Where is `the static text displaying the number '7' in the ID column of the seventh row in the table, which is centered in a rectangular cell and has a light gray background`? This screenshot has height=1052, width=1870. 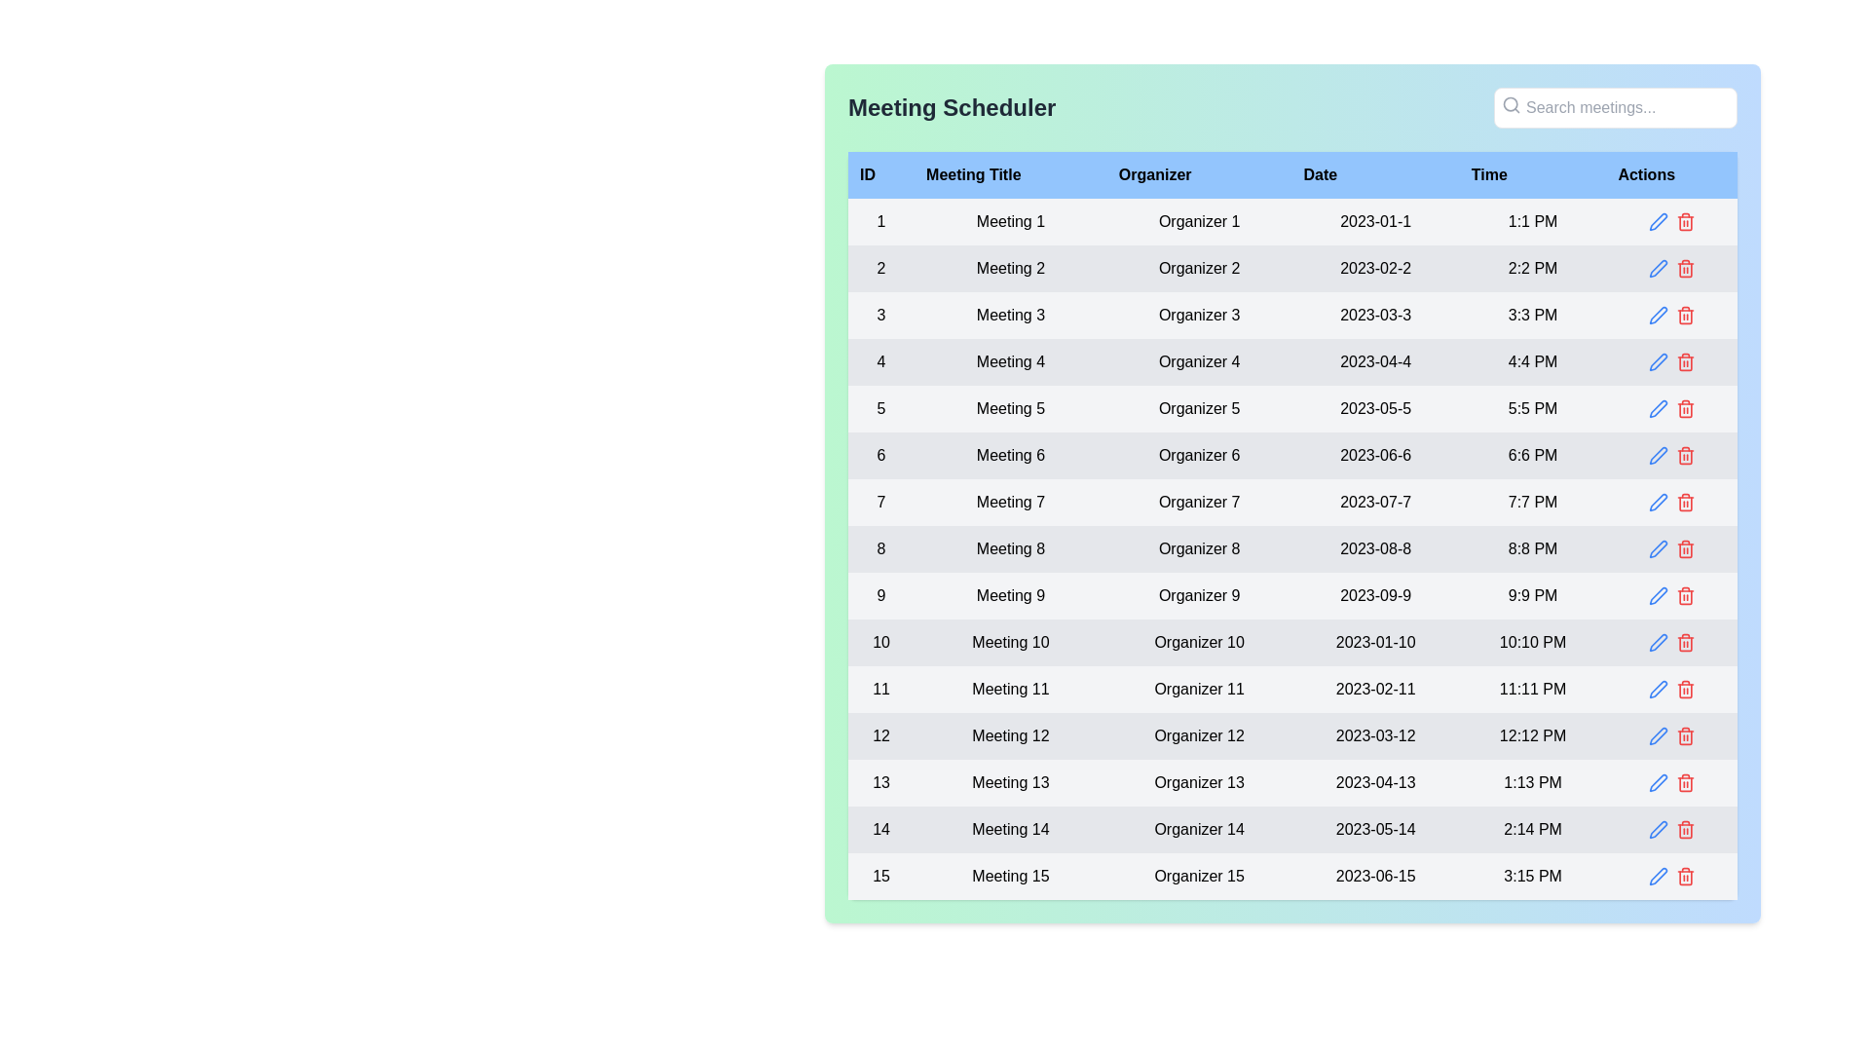 the static text displaying the number '7' in the ID column of the seventh row in the table, which is centered in a rectangular cell and has a light gray background is located at coordinates (880, 502).